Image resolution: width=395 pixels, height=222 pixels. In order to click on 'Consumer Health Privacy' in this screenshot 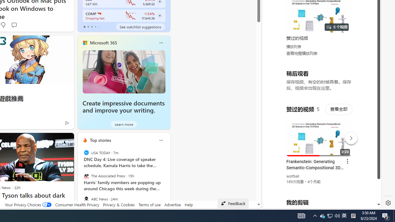, I will do `click(77, 204)`.